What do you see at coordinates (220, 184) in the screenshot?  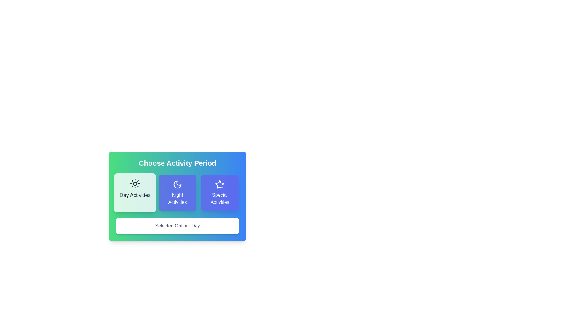 I see `the decorative icon associated with the 'Special Activities' button, which is the third button in the row of three options` at bounding box center [220, 184].